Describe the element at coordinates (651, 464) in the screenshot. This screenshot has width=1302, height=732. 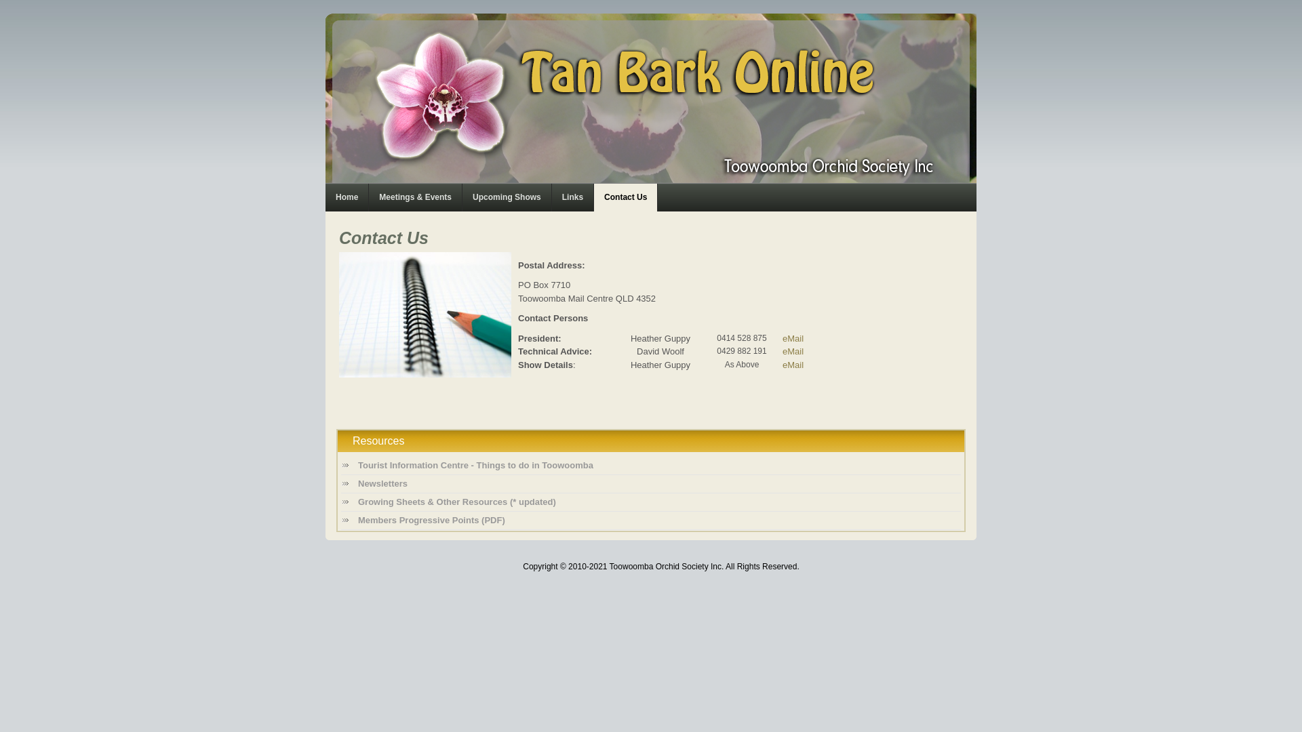
I see `'Tourist Information Centre - Things to do in Toowoomba'` at that location.